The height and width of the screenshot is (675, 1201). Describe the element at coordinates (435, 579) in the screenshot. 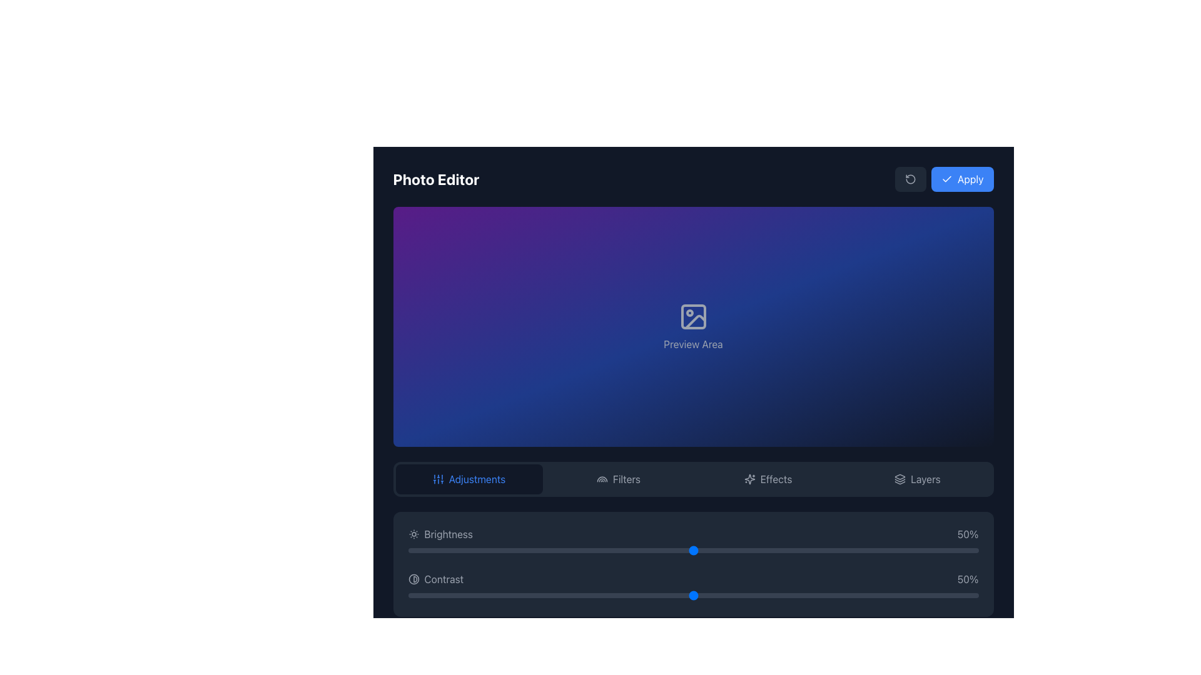

I see `the 'Contrast' label with icon, which is displayed in medium-light gray font and is located in the 'Adjustments' section below the 'Brightness' control` at that location.